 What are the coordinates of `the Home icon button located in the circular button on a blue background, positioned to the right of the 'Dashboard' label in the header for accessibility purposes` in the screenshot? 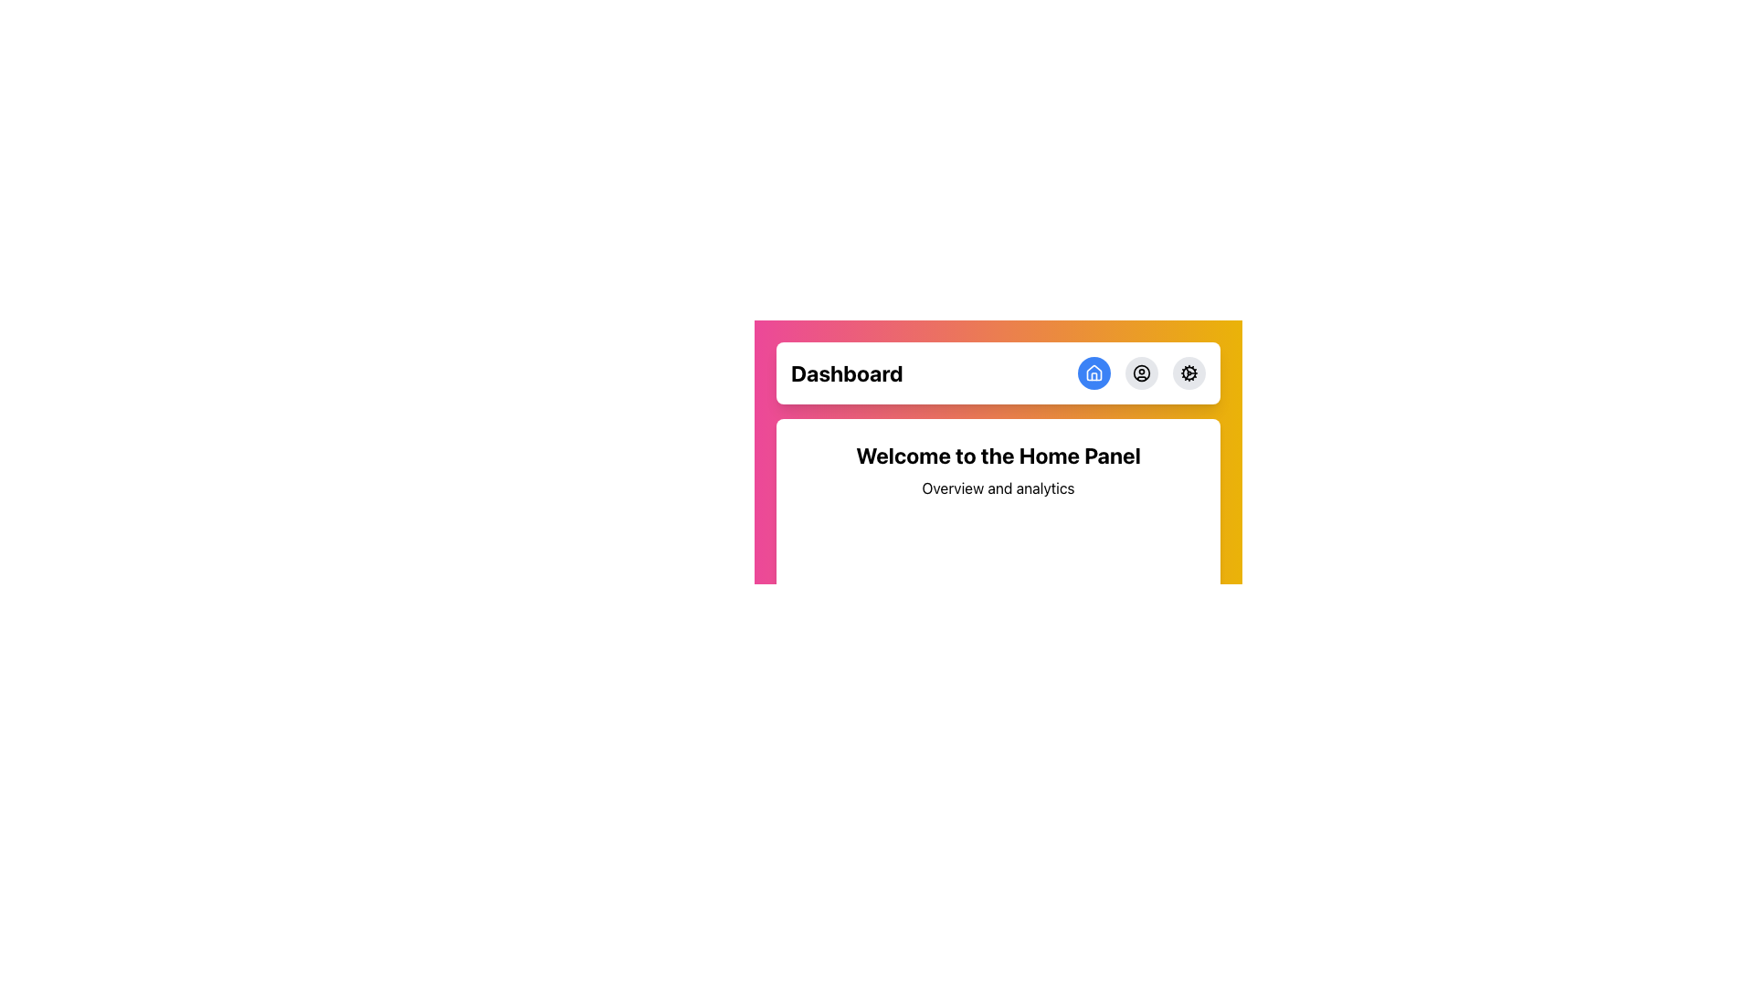 It's located at (1094, 372).